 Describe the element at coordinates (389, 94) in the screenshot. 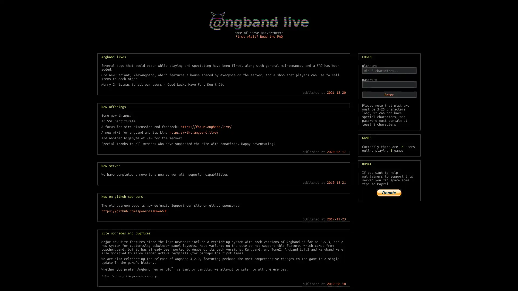

I see `Enter` at that location.